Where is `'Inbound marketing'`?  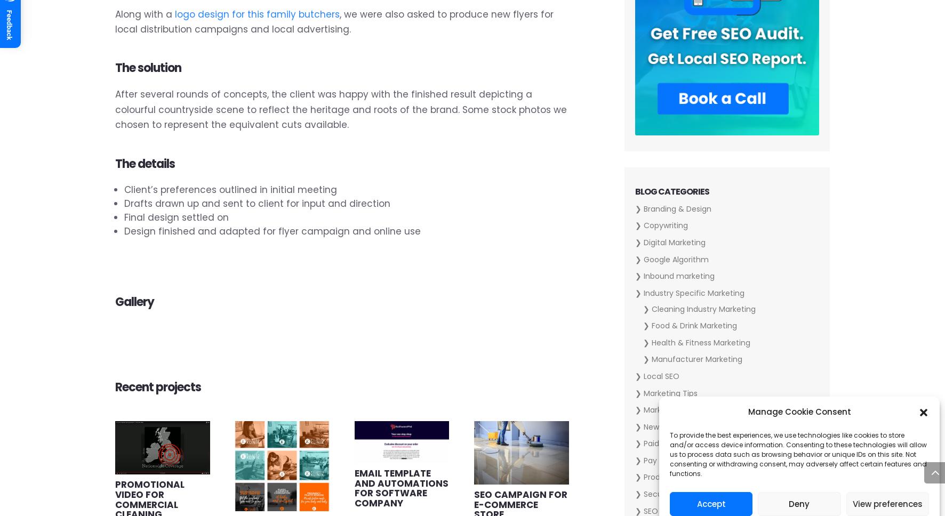 'Inbound marketing' is located at coordinates (678, 276).